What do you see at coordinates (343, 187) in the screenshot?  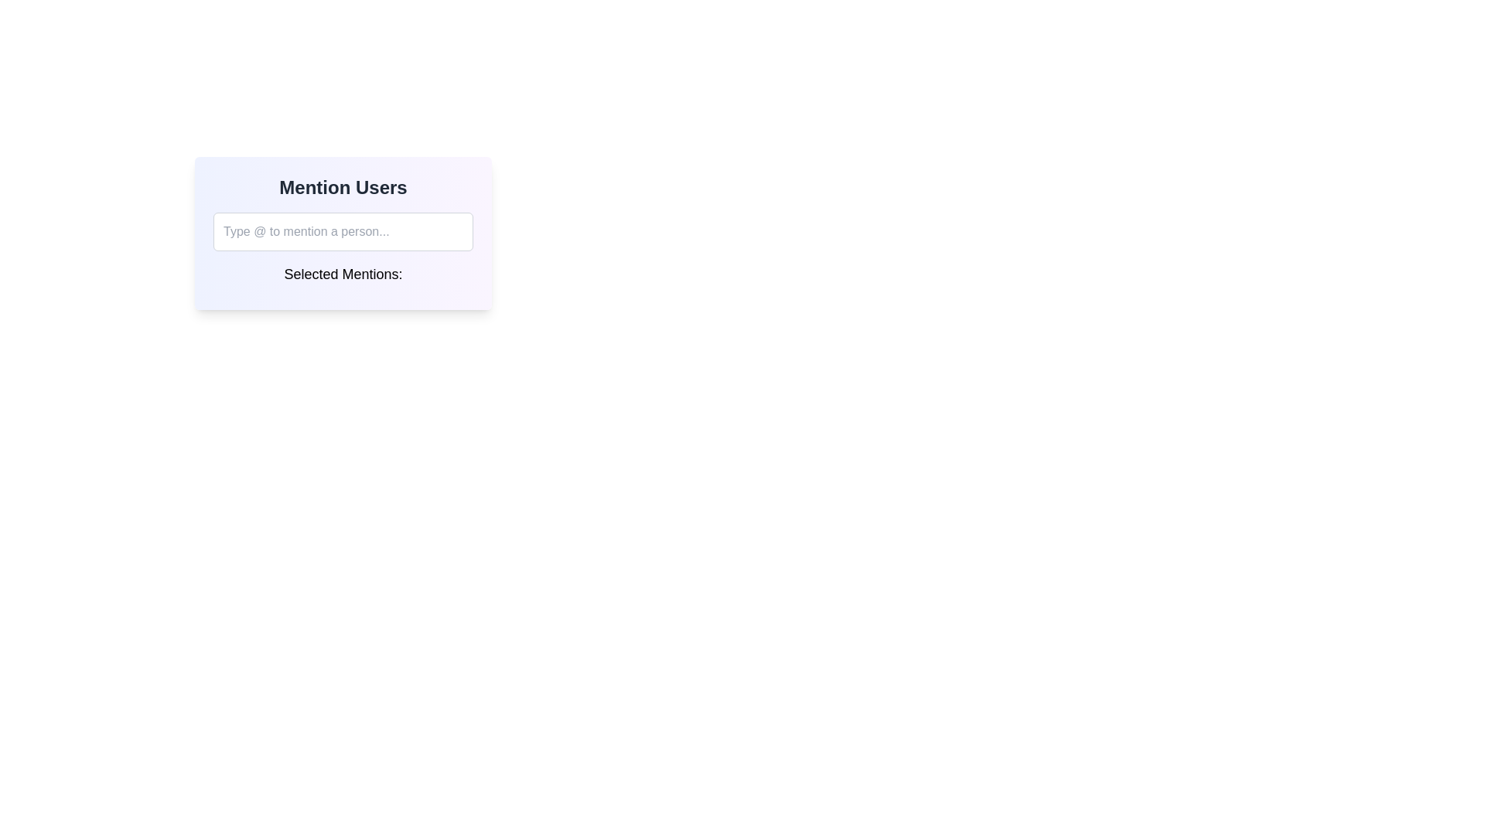 I see `the prominent header text displaying 'Mention Users', which is styled with a large bold font in dark gray against a light purple gradient background` at bounding box center [343, 187].